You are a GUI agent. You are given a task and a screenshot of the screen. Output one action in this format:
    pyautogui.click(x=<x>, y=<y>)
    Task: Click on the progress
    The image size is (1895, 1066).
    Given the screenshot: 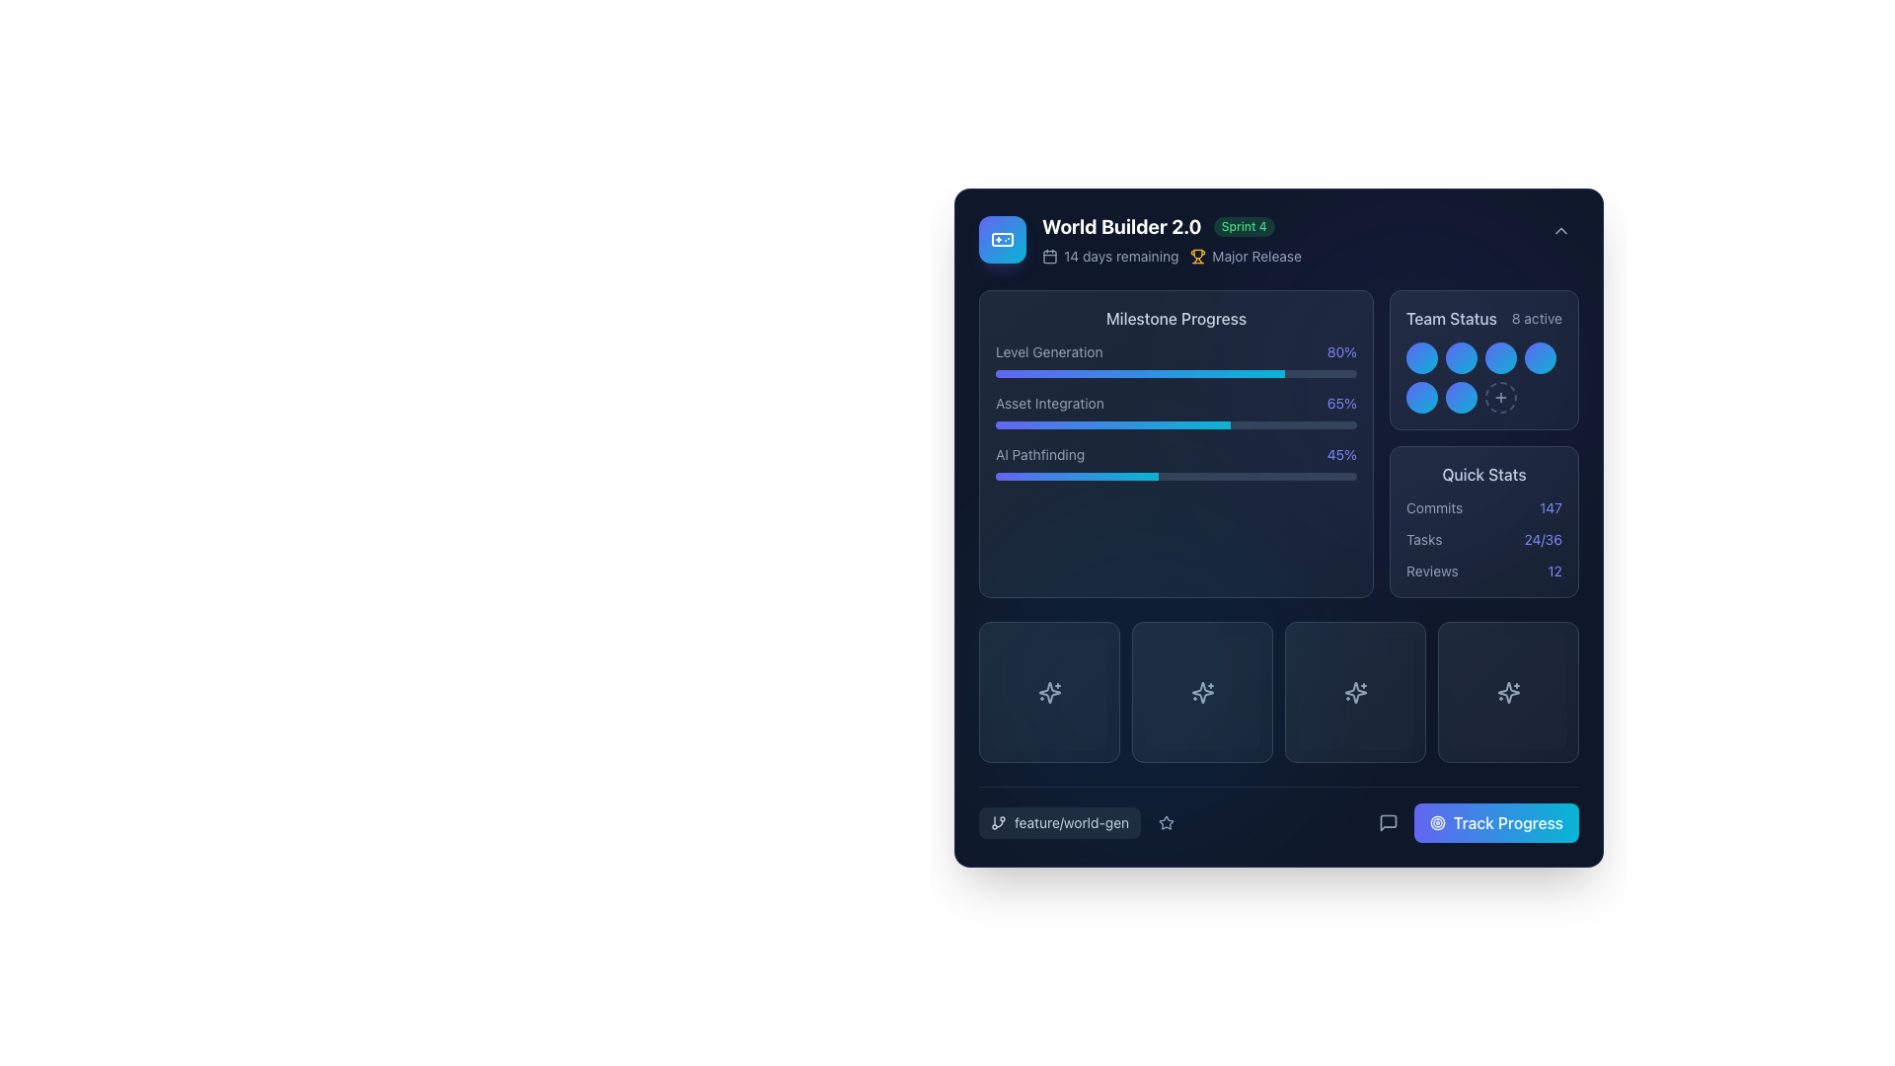 What is the action you would take?
    pyautogui.click(x=1177, y=373)
    